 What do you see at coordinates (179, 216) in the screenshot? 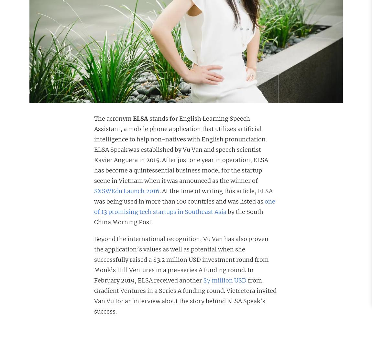
I see `'by the South China Morning Post.'` at bounding box center [179, 216].